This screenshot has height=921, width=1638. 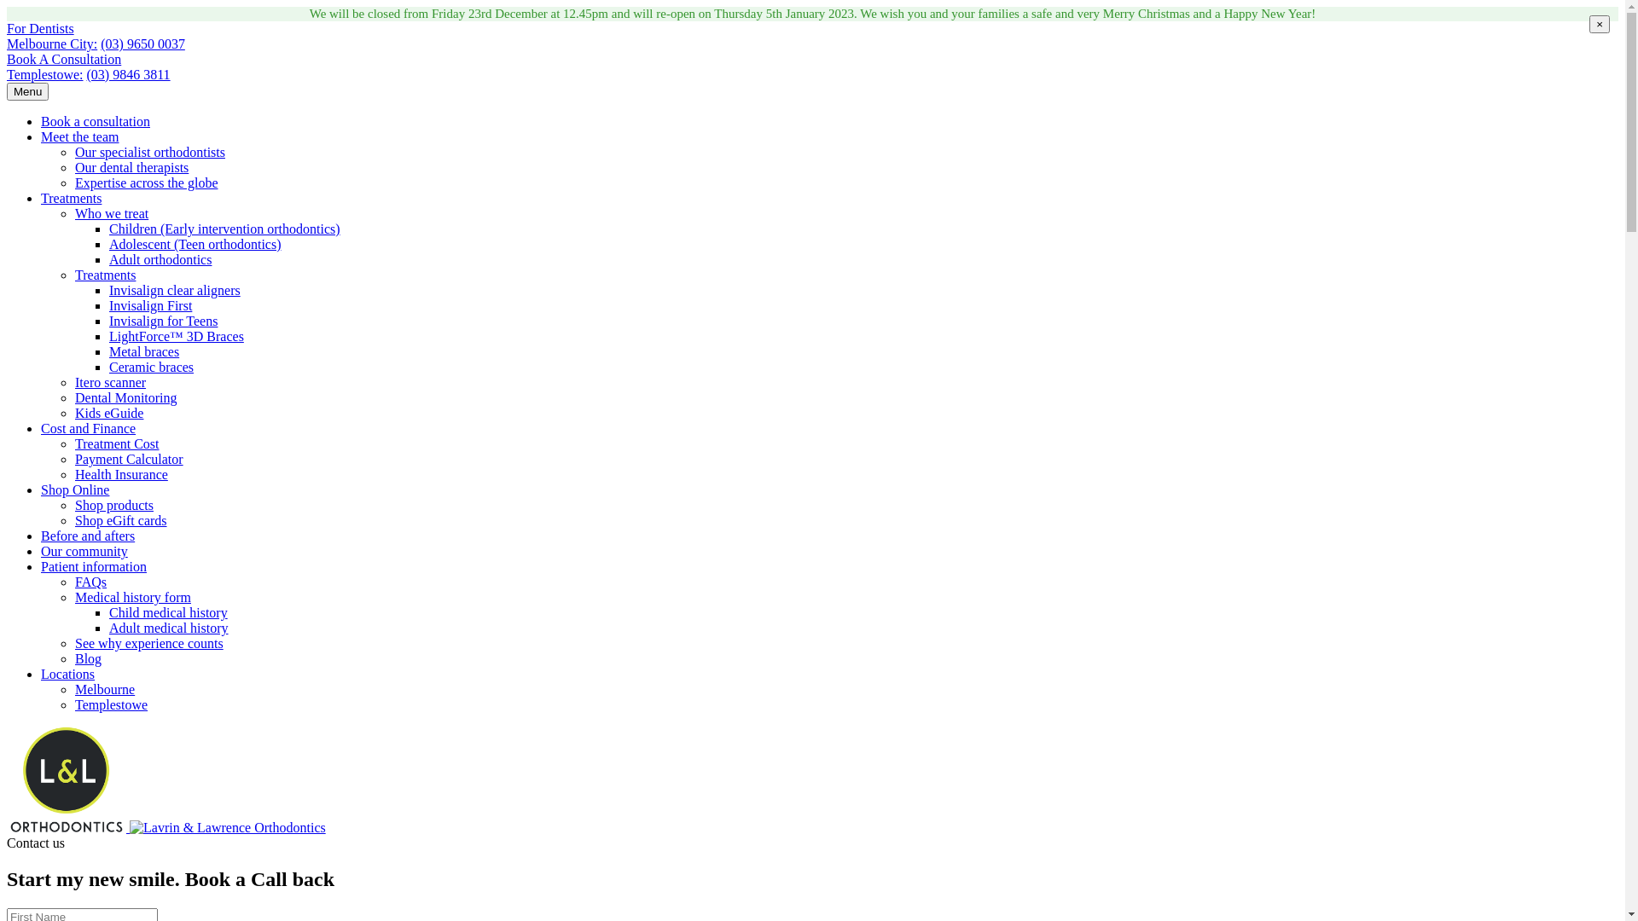 What do you see at coordinates (160, 259) in the screenshot?
I see `'Adult orthodontics'` at bounding box center [160, 259].